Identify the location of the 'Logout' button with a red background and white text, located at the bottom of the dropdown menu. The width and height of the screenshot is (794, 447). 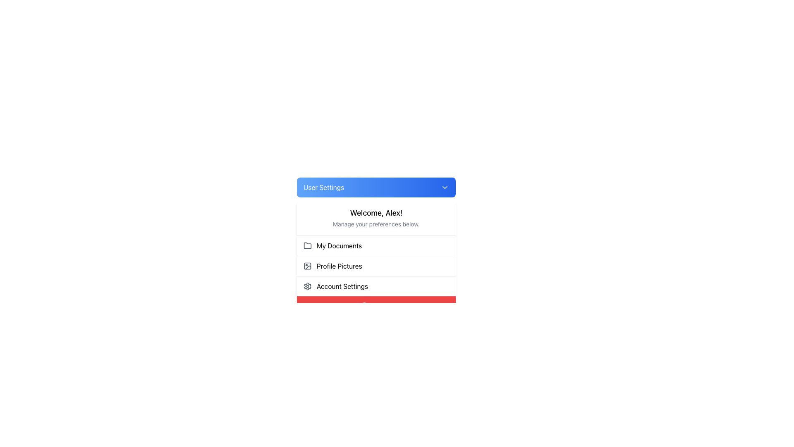
(376, 306).